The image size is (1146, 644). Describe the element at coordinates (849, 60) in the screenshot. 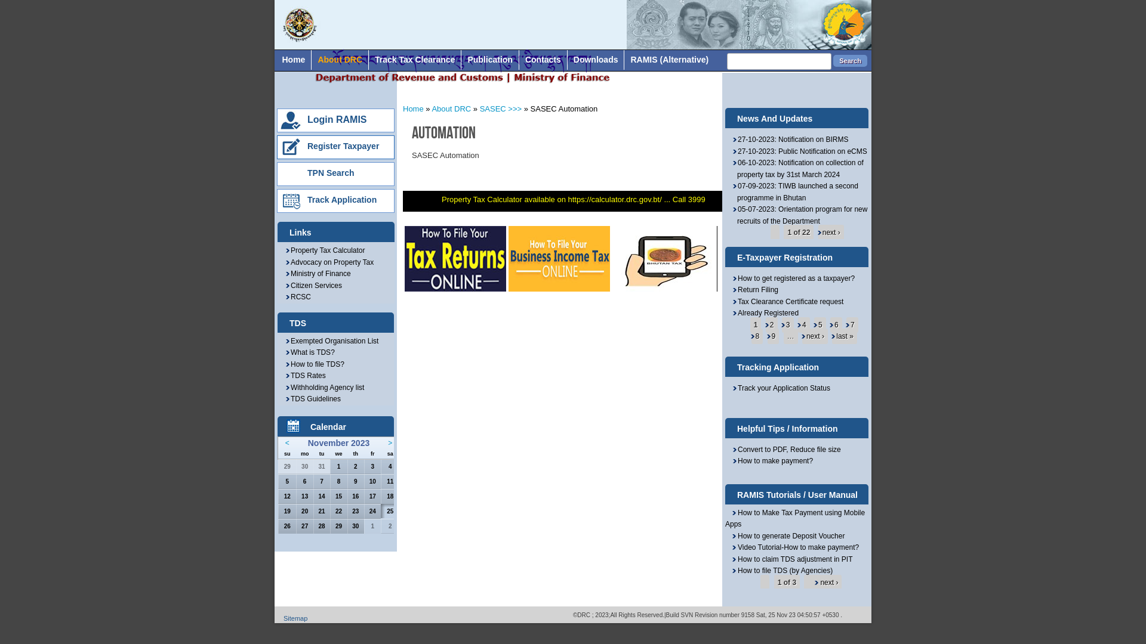

I see `'Search'` at that location.